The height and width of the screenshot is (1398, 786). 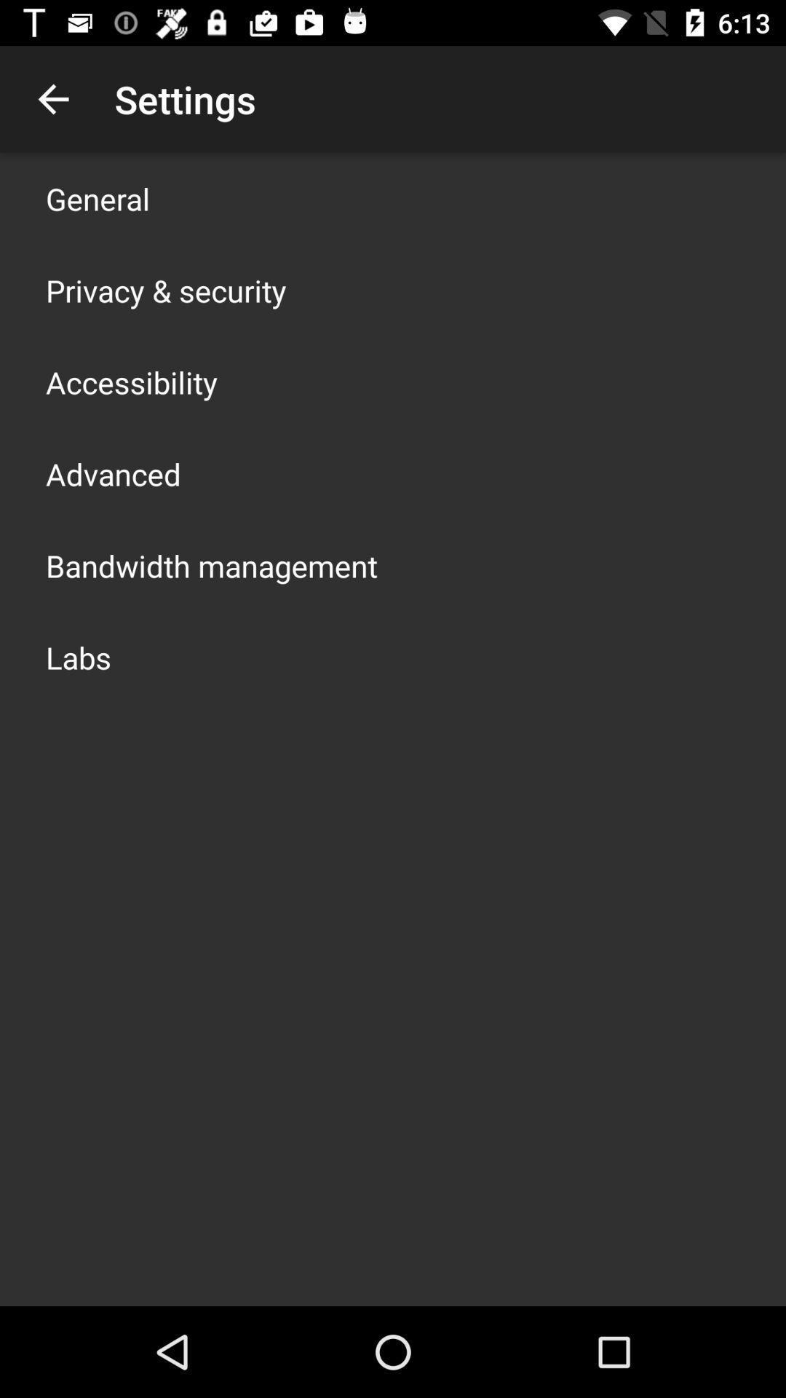 What do you see at coordinates (112, 474) in the screenshot?
I see `the advanced app` at bounding box center [112, 474].